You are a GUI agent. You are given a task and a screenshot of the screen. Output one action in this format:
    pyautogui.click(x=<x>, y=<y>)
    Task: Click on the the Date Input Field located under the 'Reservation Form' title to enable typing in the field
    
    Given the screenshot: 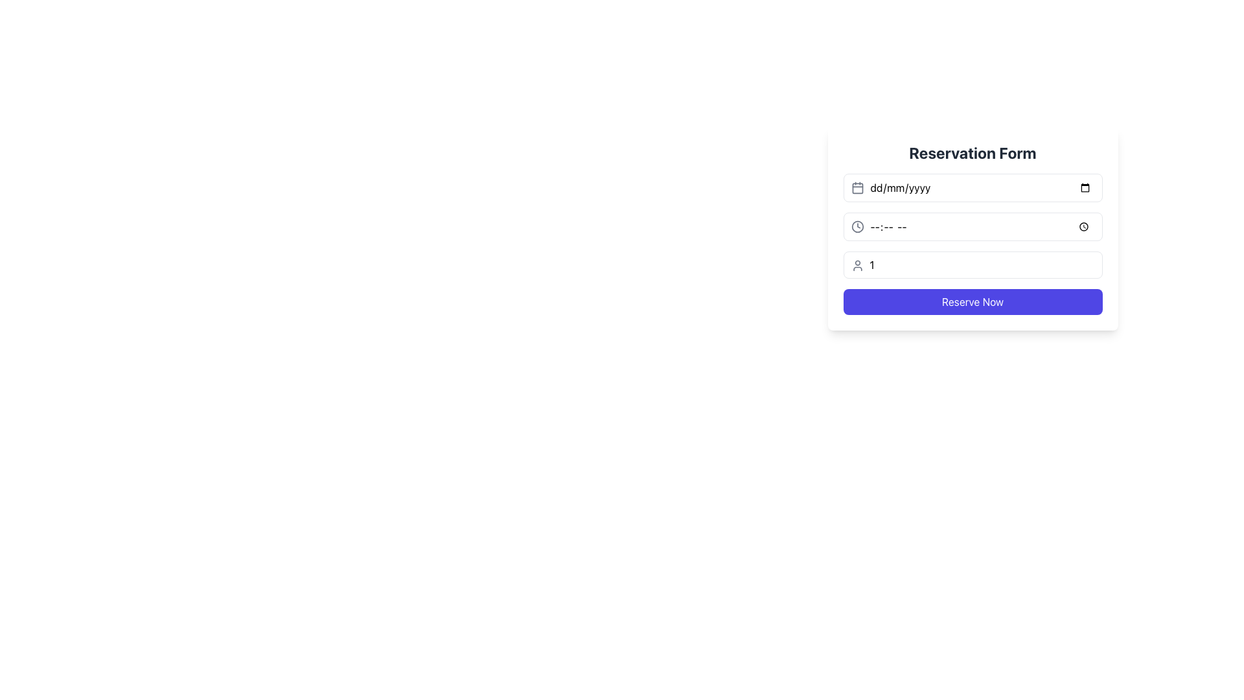 What is the action you would take?
    pyautogui.click(x=973, y=187)
    